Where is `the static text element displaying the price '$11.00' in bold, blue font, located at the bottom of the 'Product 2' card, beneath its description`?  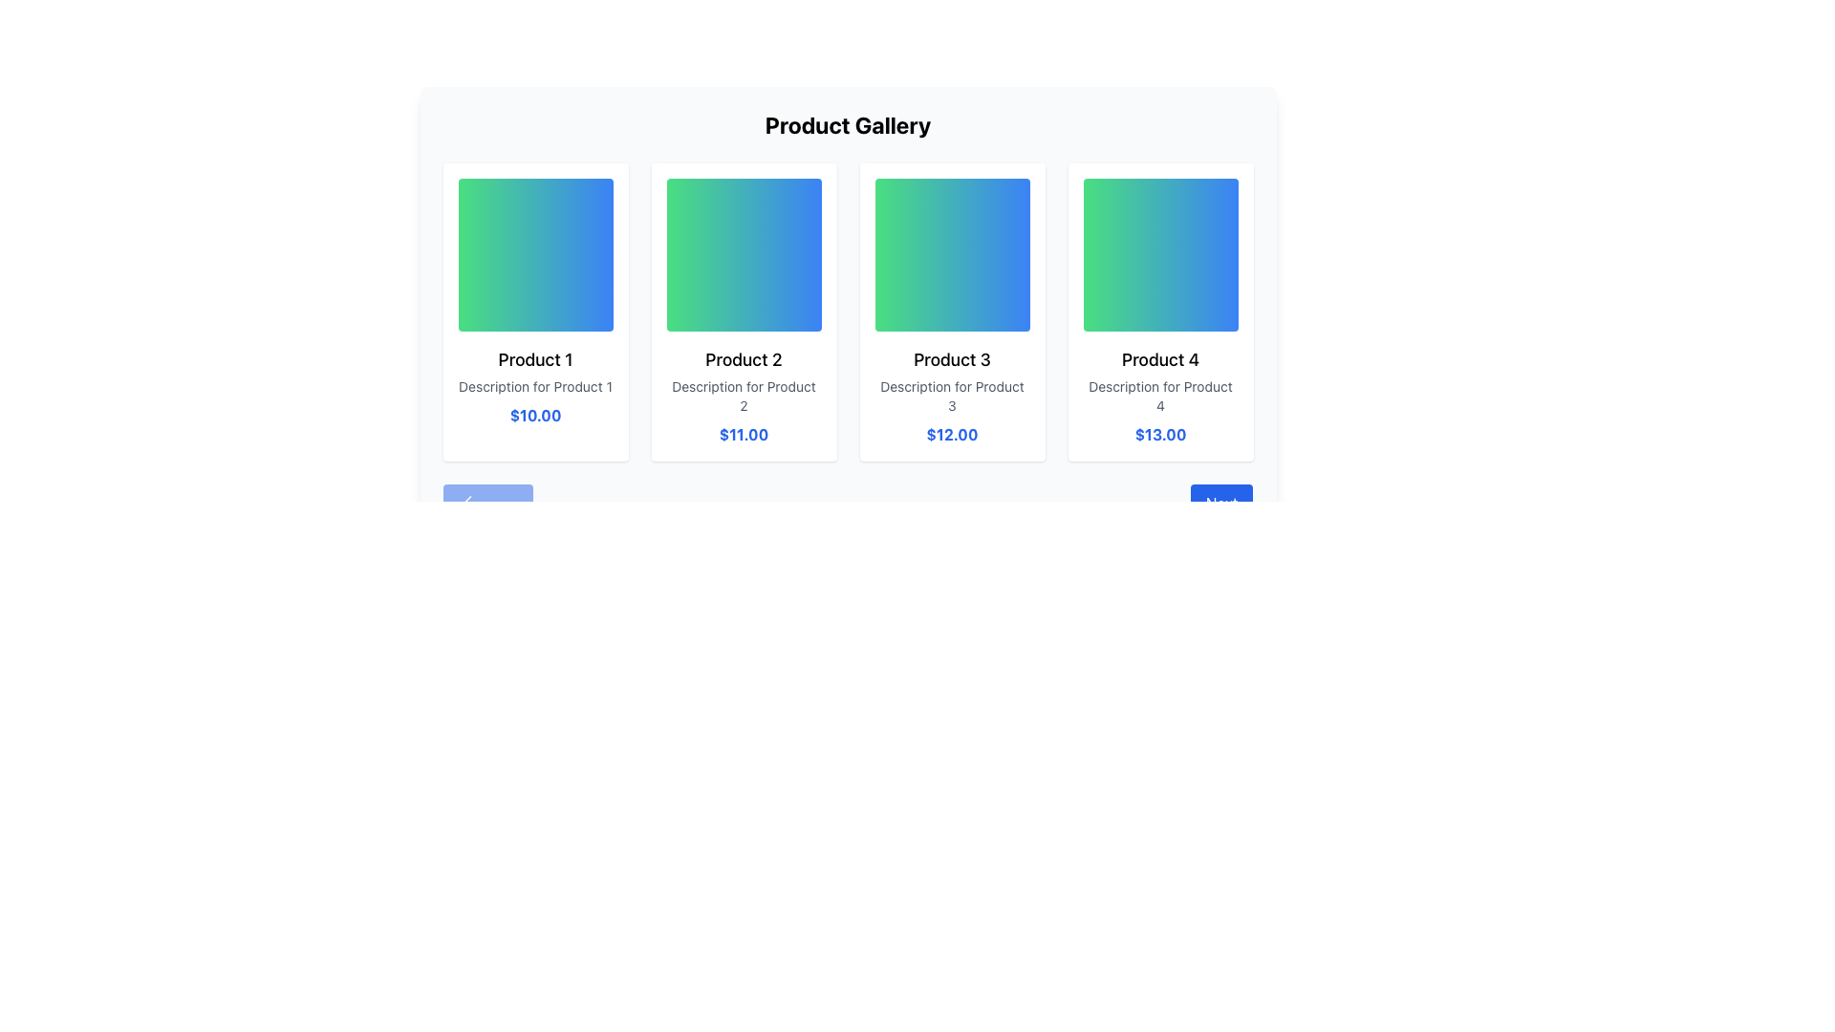 the static text element displaying the price '$11.00' in bold, blue font, located at the bottom of the 'Product 2' card, beneath its description is located at coordinates (743, 435).